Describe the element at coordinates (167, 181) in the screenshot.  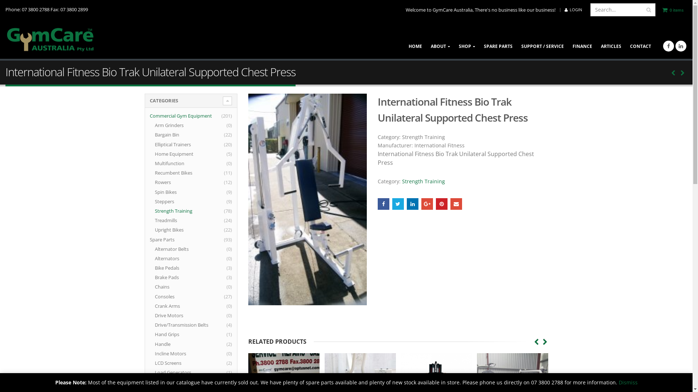
I see `'Rowers'` at that location.